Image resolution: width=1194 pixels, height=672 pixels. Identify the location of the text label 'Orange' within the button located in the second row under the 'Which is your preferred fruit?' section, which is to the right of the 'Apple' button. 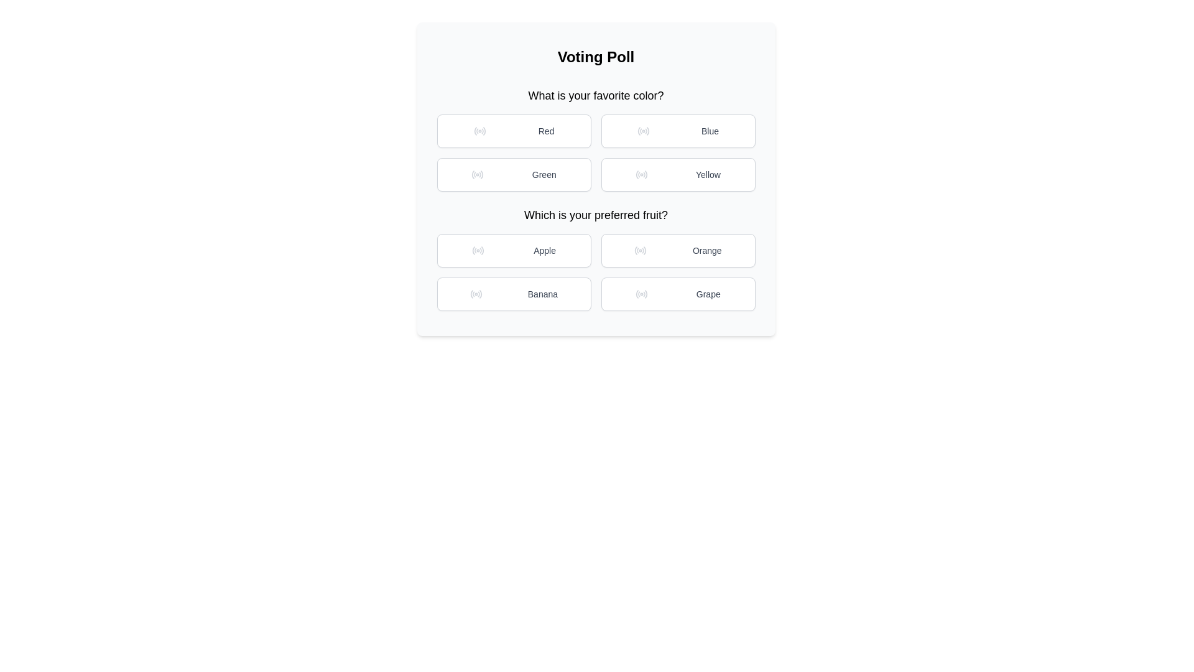
(707, 250).